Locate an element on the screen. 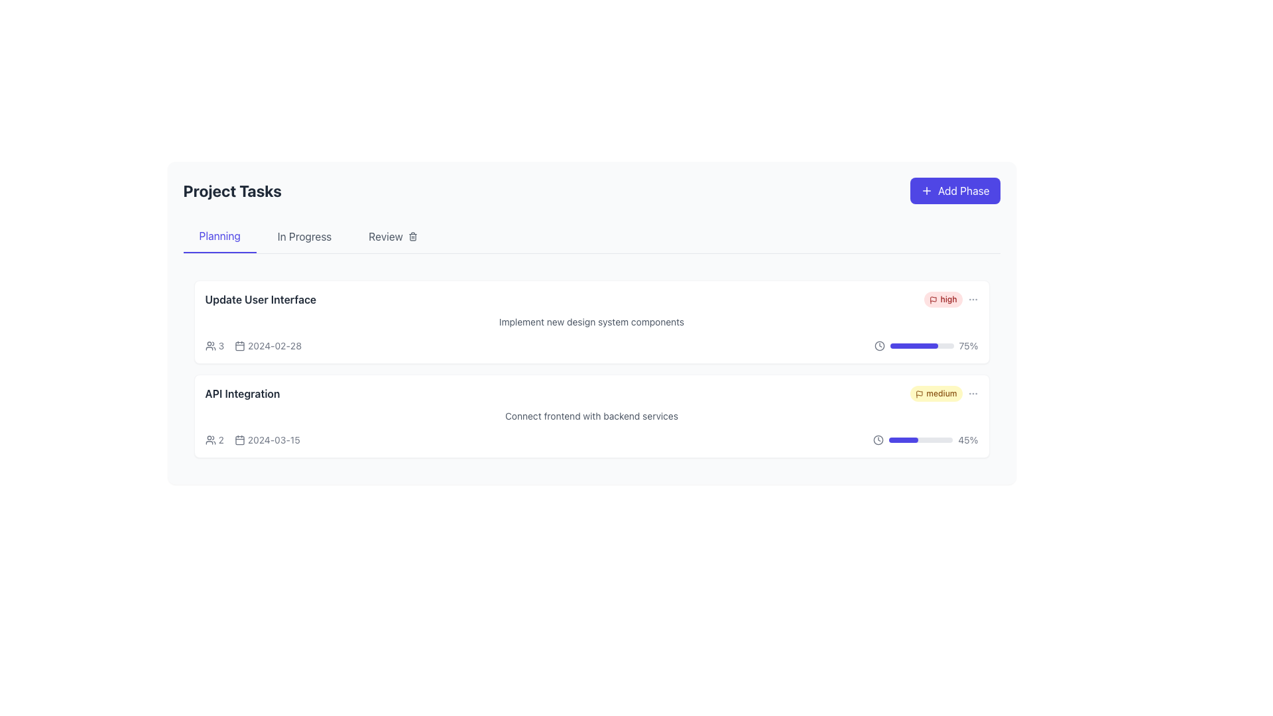 This screenshot has height=716, width=1273. the 'Review' button is located at coordinates (392, 236).